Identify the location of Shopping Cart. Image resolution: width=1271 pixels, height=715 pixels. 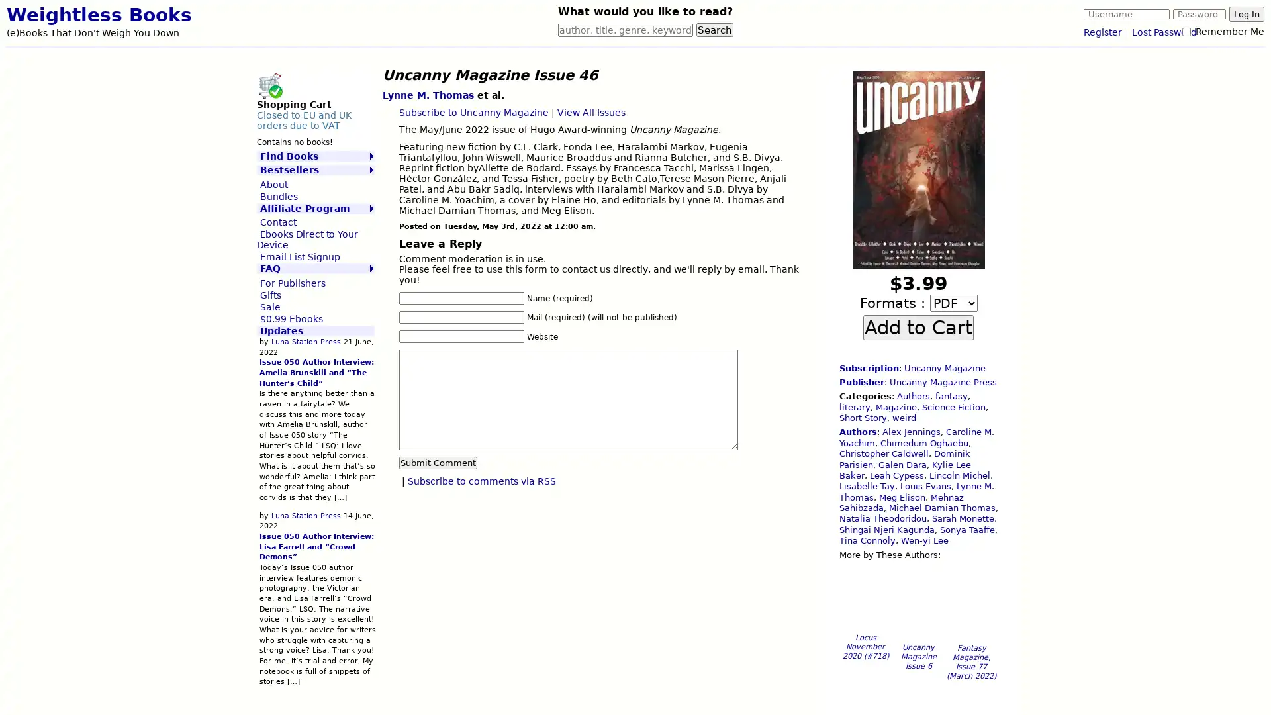
(269, 85).